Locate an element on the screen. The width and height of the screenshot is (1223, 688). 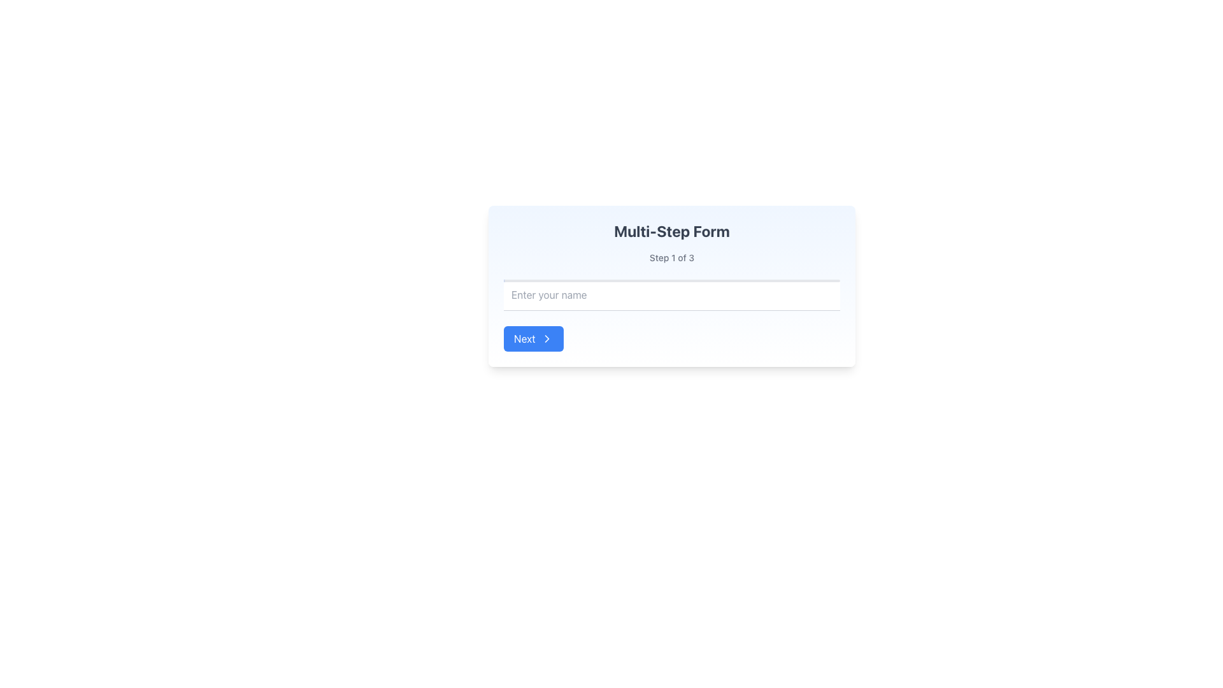
the chevron arrow icon pointing to the right, which is located to the right of the text 'Next' inside a button in the bottom left quadrant of the form interface is located at coordinates (547, 338).